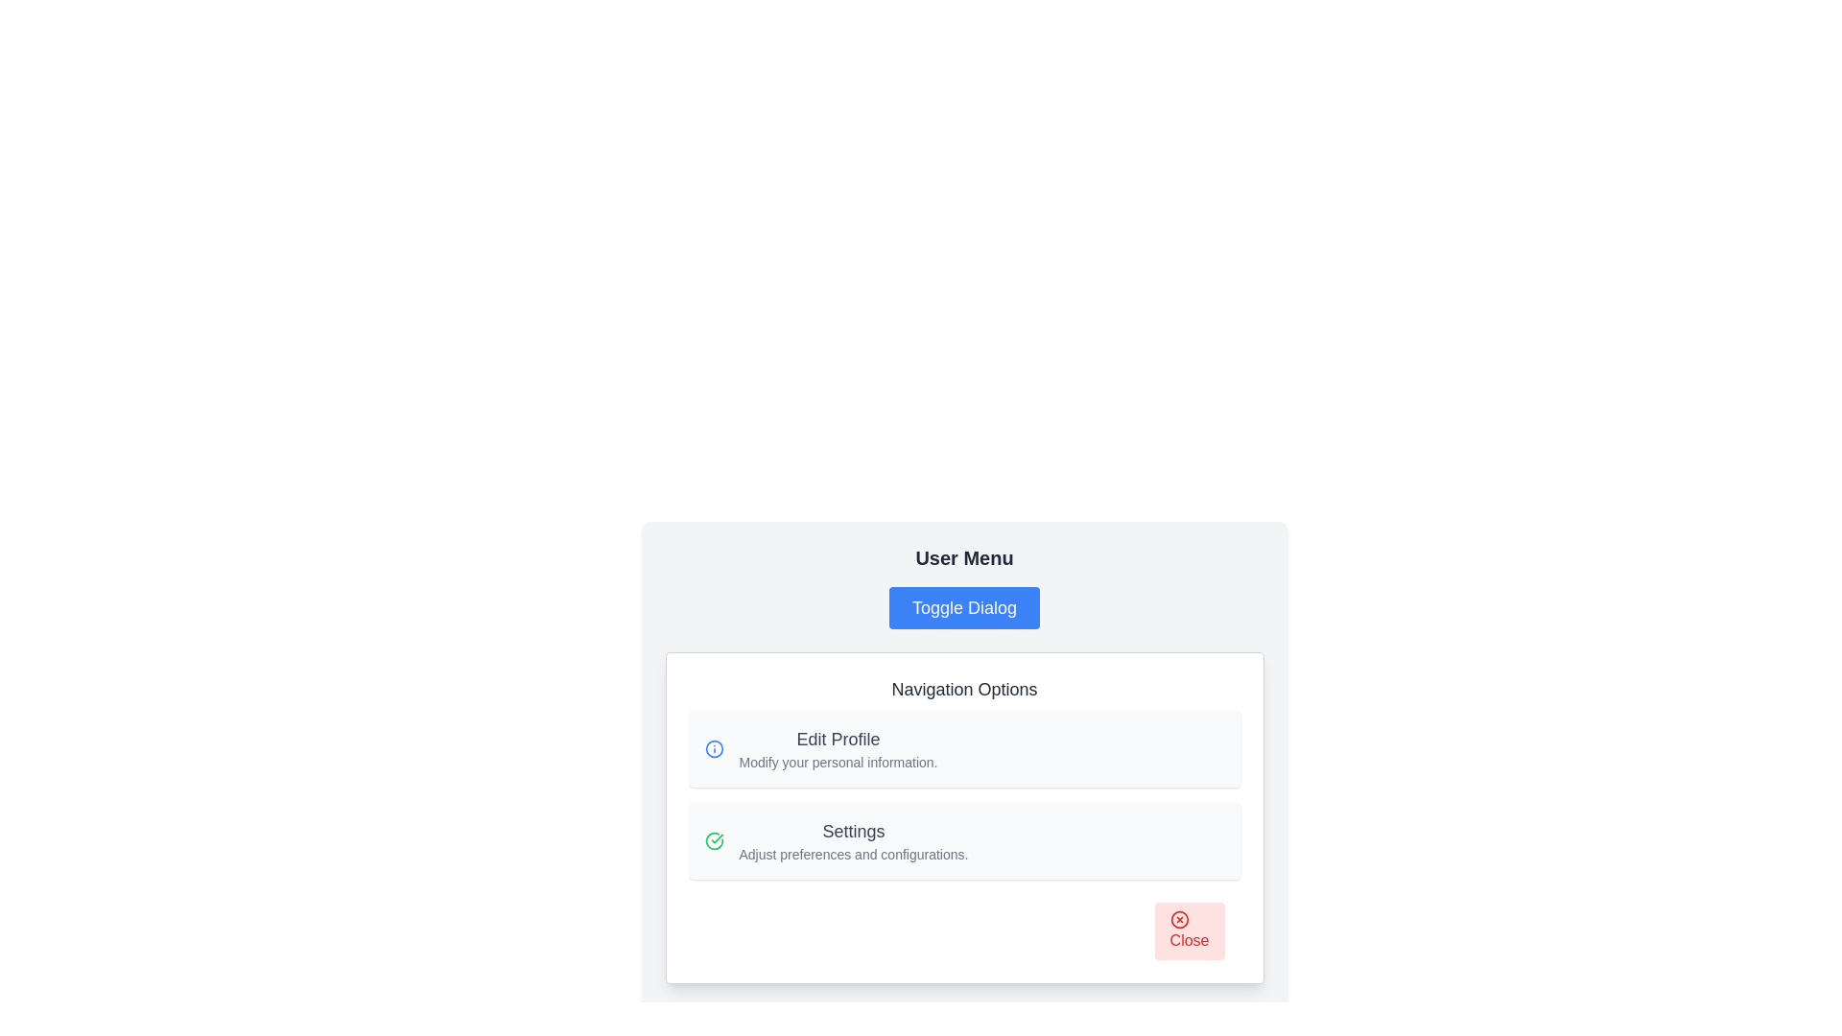 The width and height of the screenshot is (1842, 1036). I want to click on the rectangular button labeled 'Toggle Dialog' with a blue background and white text, so click(964, 607).